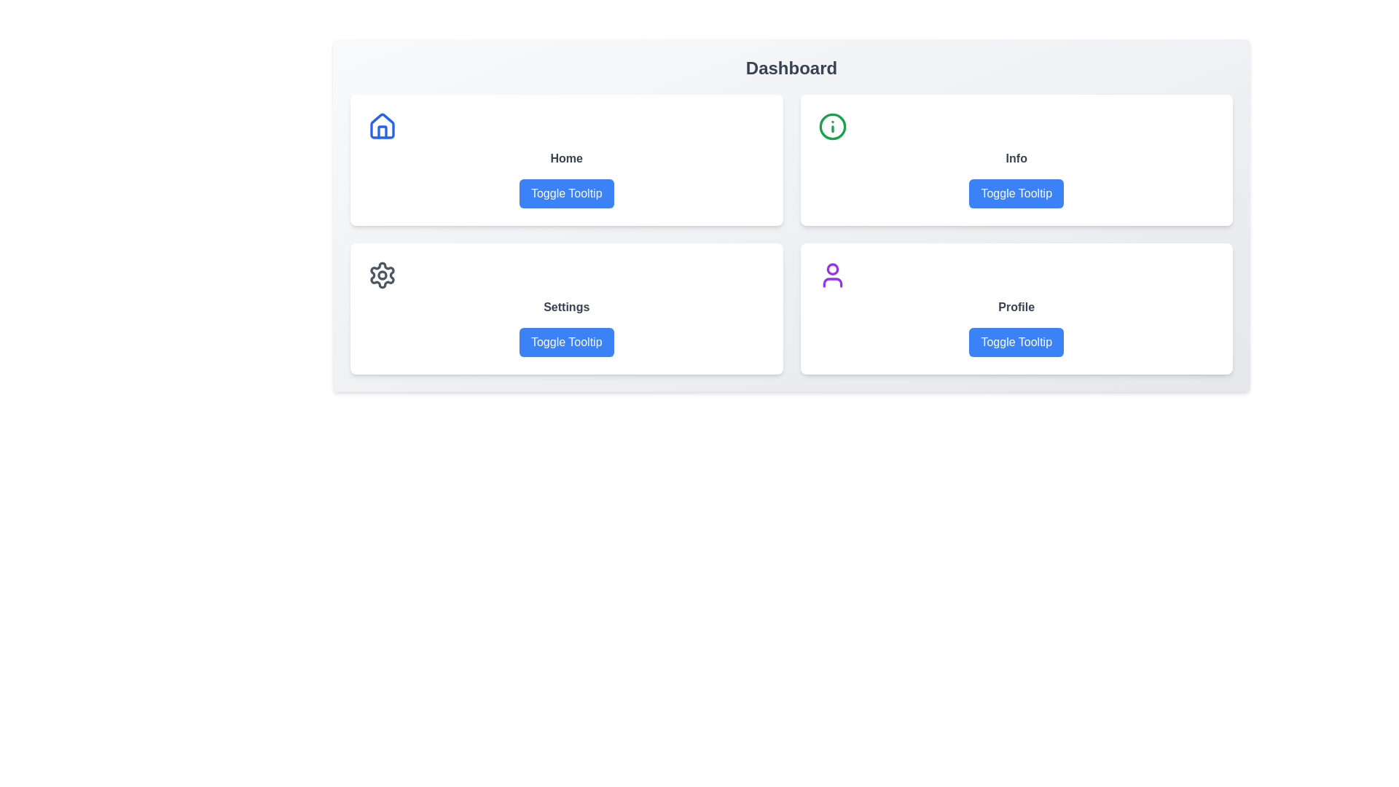  I want to click on the info icon in the card element that has a white background and rounded corners, located in the upper-right section of the grid, so click(1016, 160).